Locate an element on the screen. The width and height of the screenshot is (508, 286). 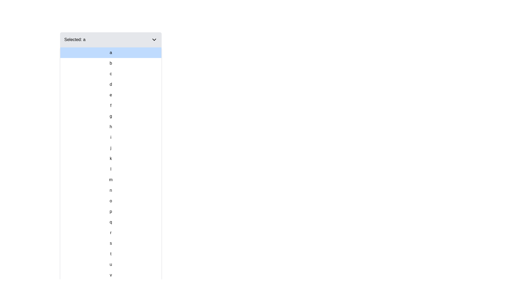
the single, black, lowercase letter 'l' which is the 12th item in a vertically oriented list of letters on a white background is located at coordinates (110, 169).